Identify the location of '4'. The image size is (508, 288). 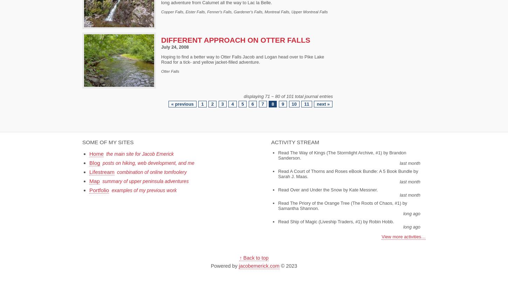
(232, 104).